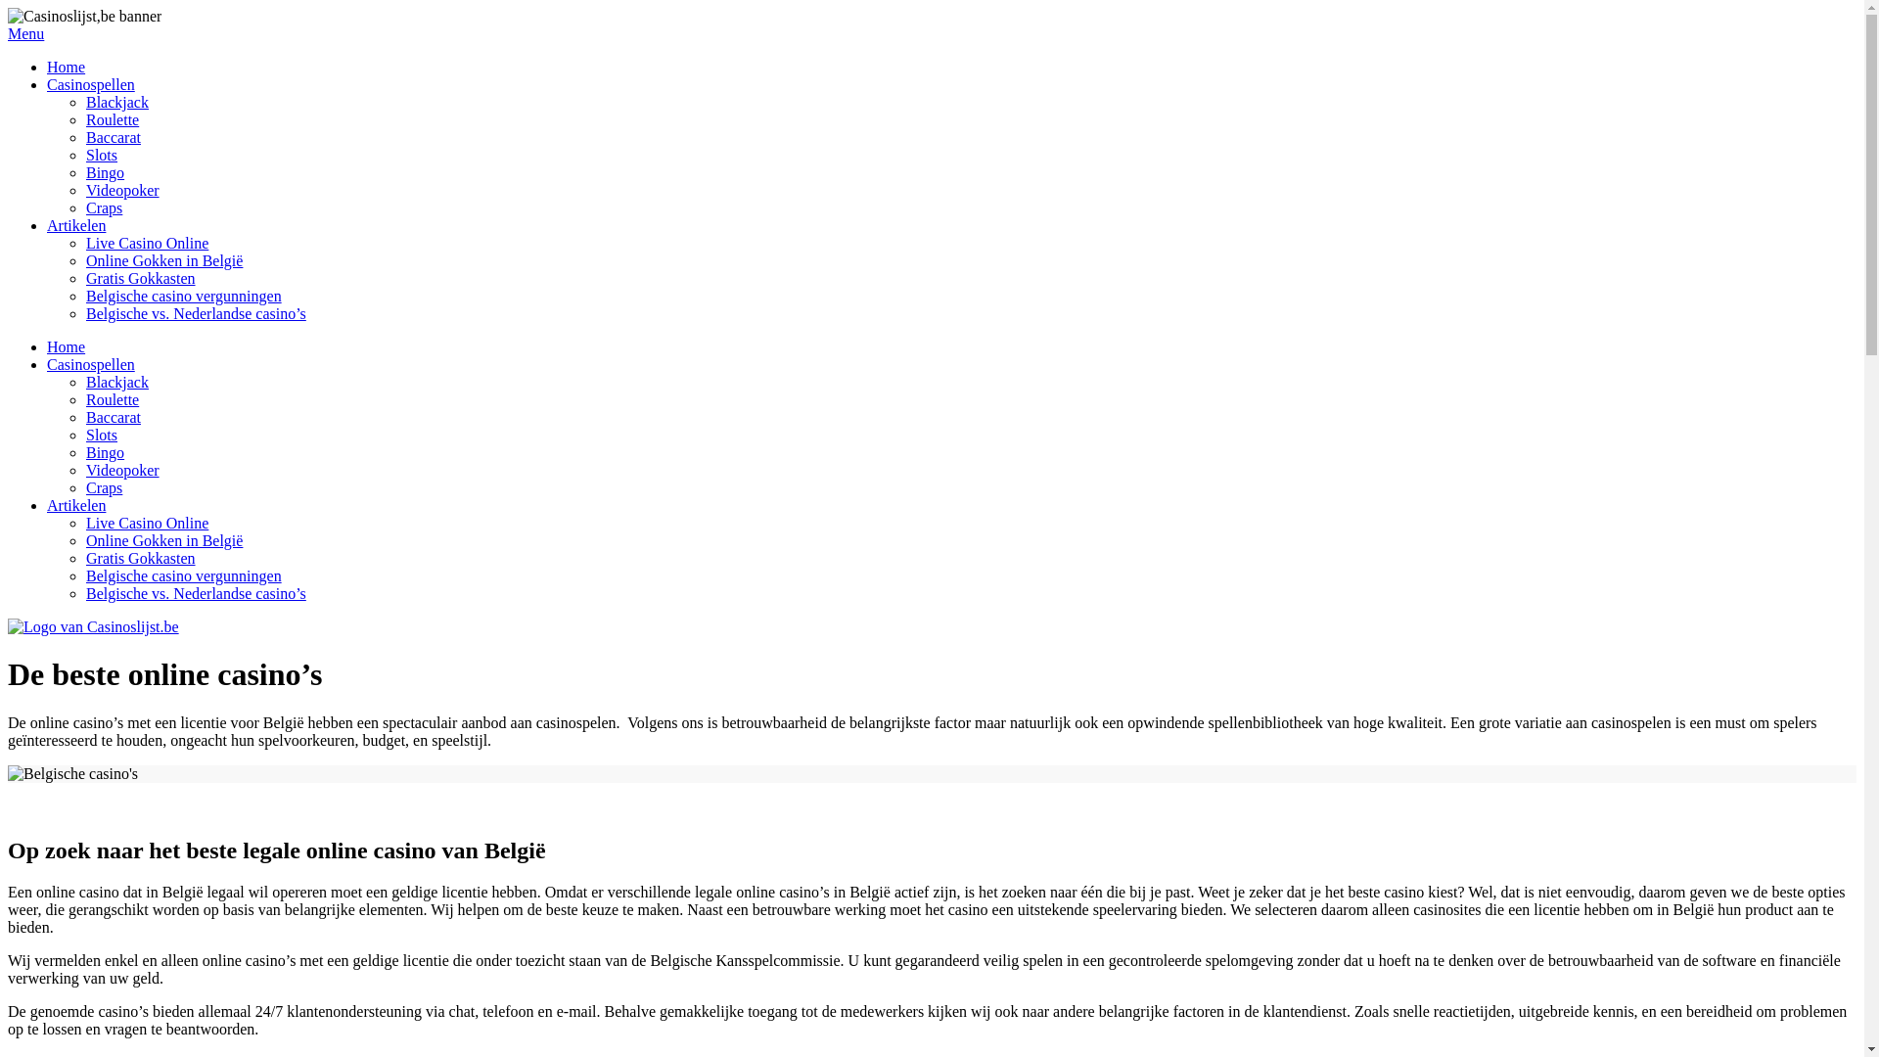 Image resolution: width=1879 pixels, height=1057 pixels. I want to click on 'Baccarat', so click(112, 416).